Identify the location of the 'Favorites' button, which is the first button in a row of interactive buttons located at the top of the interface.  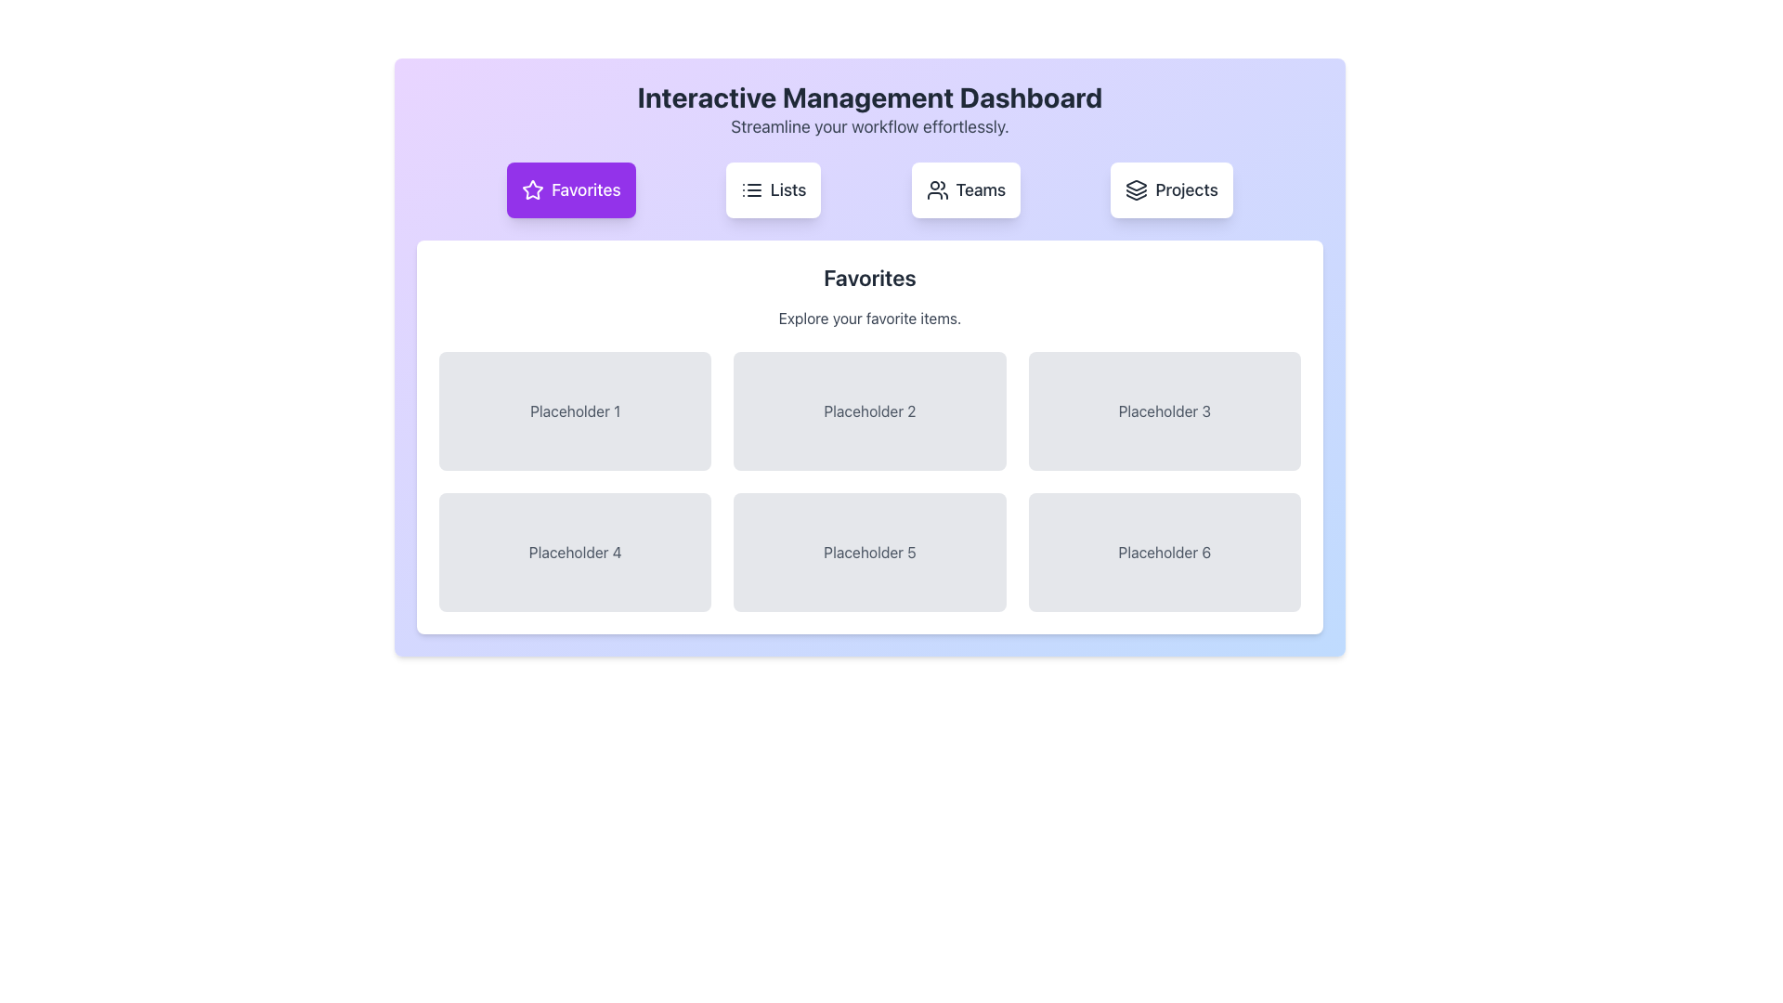
(570, 189).